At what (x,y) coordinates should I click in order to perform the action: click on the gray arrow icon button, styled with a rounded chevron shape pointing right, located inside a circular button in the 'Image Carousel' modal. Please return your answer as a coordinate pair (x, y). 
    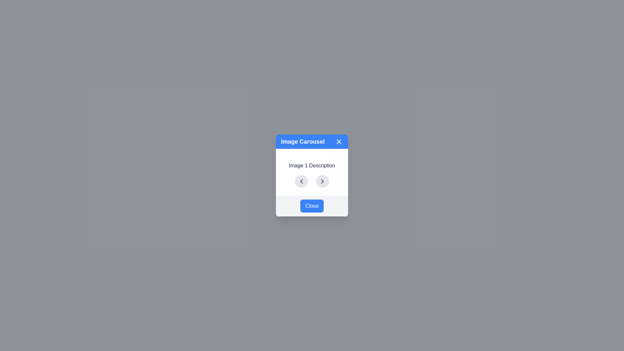
    Looking at the image, I should click on (322, 181).